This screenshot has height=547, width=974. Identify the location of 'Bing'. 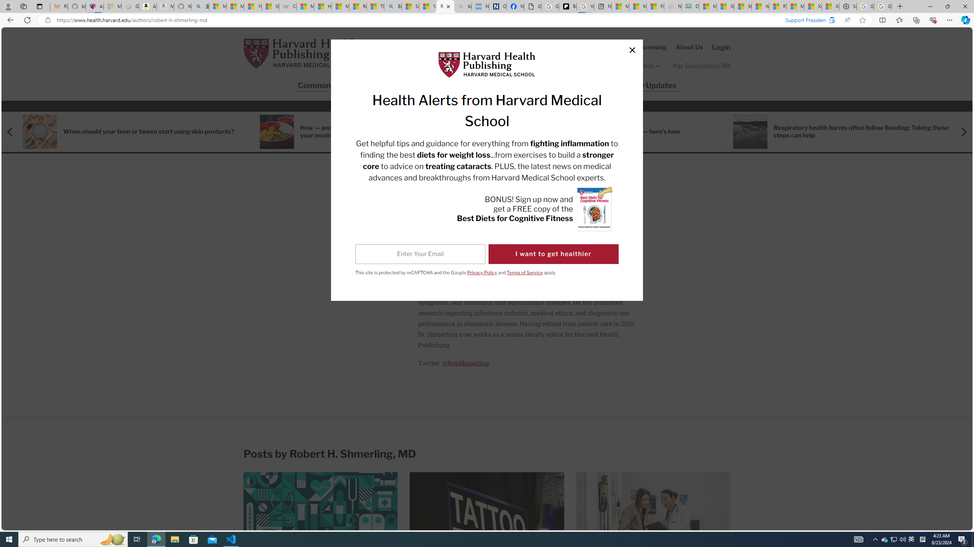
(392, 6).